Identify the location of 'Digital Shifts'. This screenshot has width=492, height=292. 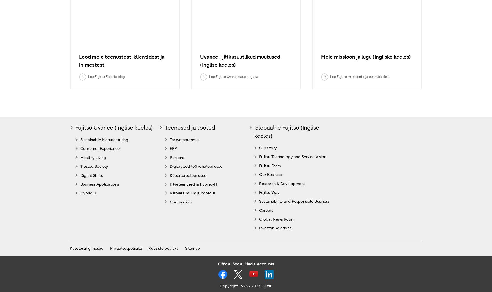
(91, 175).